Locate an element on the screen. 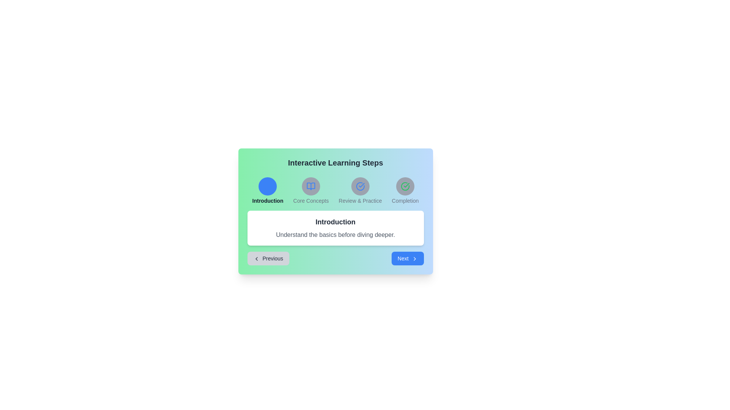 The image size is (730, 410). the 'Core Concepts' icon in the interactive learning sequence, which is the second icon in a row of four, located directly above the text 'Core Concepts' is located at coordinates (311, 186).